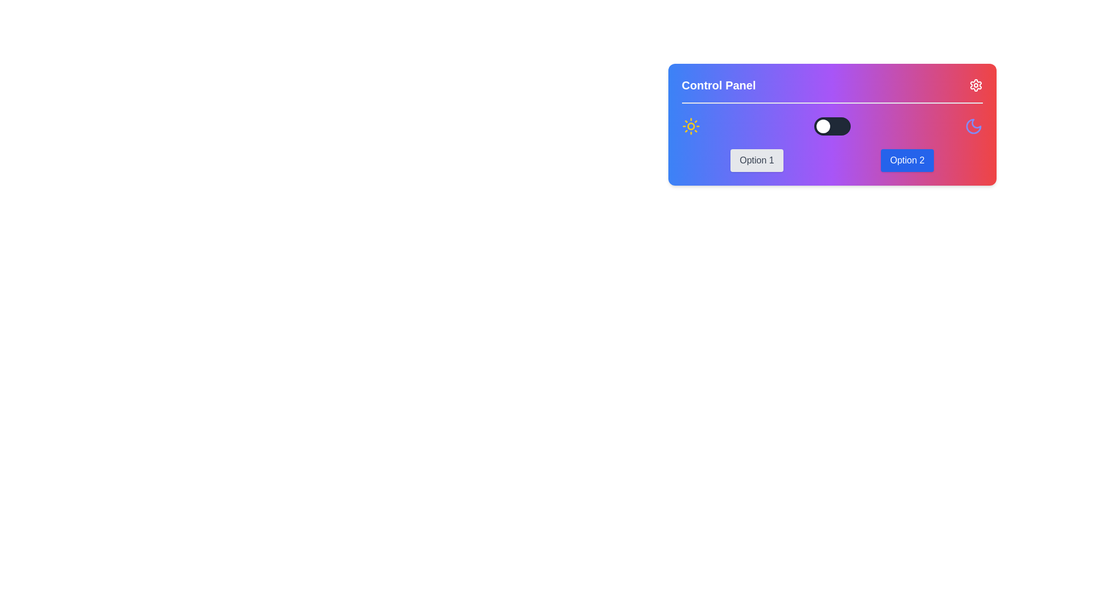 The image size is (1094, 615). What do you see at coordinates (973, 126) in the screenshot?
I see `the crescent moon-shaped icon located in the top-right corner of the panel interface` at bounding box center [973, 126].